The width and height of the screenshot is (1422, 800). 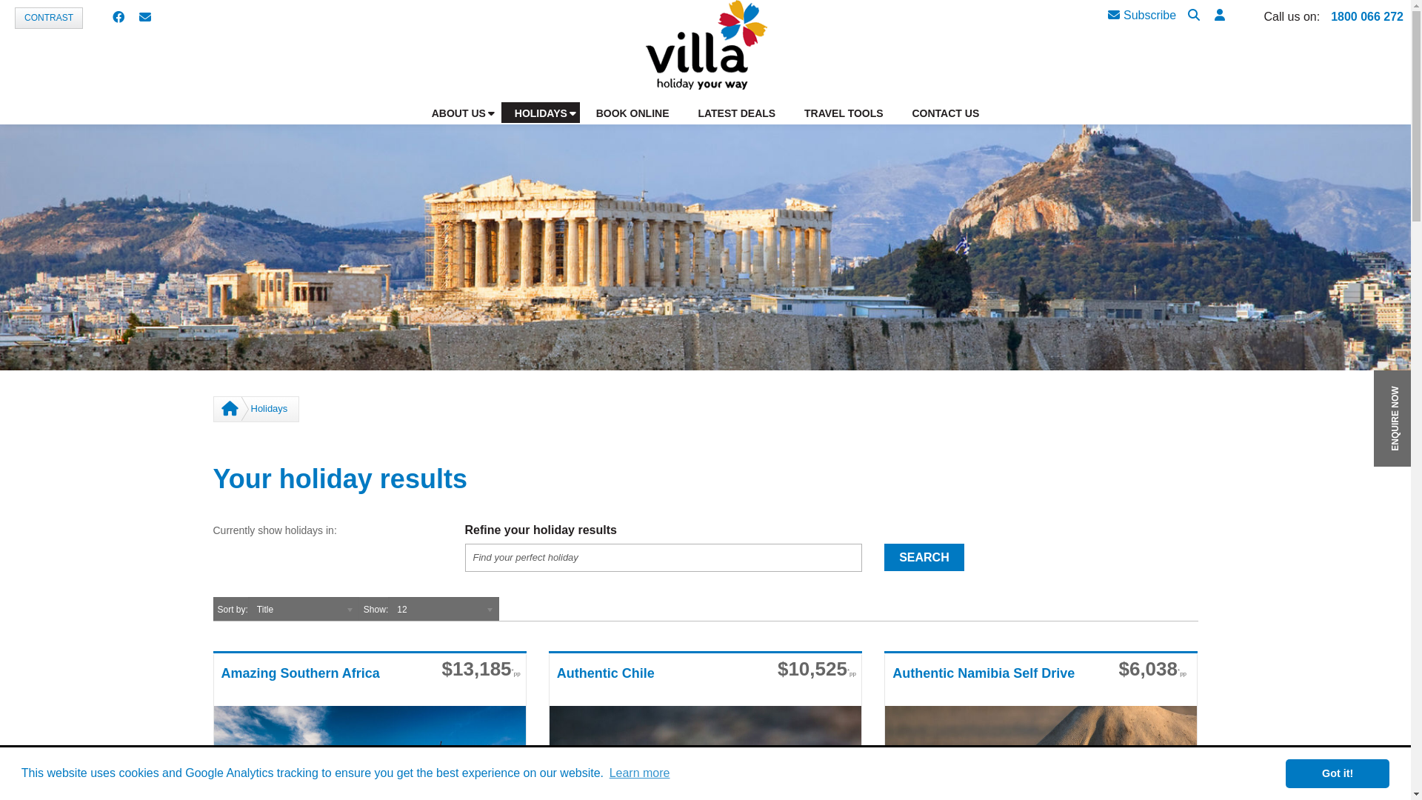 I want to click on 'Amazing Southern Africa', so click(x=316, y=684).